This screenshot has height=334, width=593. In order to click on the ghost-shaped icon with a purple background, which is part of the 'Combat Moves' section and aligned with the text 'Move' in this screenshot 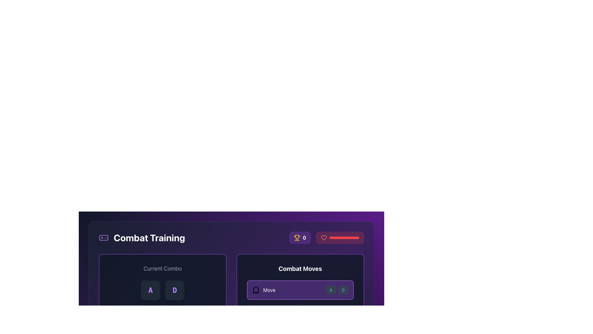, I will do `click(256, 290)`.